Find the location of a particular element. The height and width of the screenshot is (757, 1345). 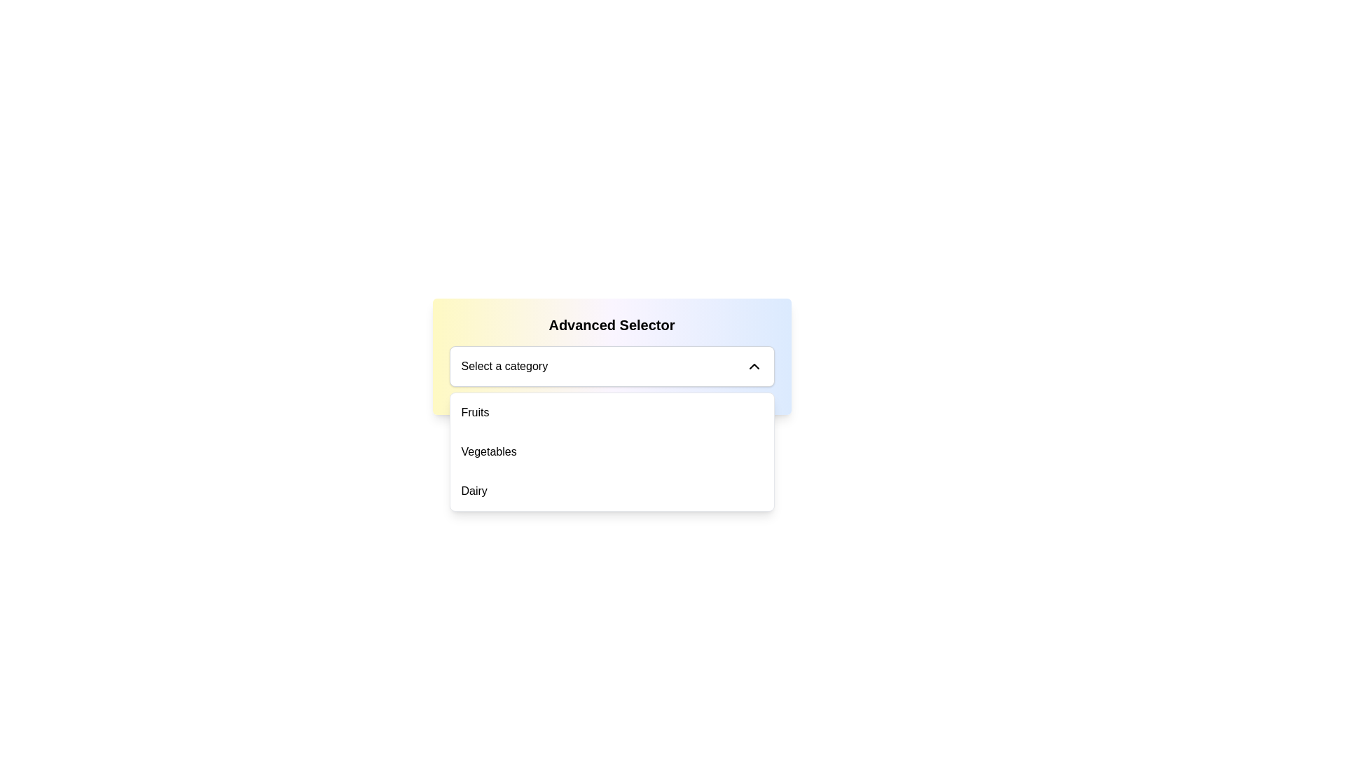

the 'Fruits' dropdown menu item in the 'Advanced Selector' dropdown to navigate is located at coordinates (612, 412).